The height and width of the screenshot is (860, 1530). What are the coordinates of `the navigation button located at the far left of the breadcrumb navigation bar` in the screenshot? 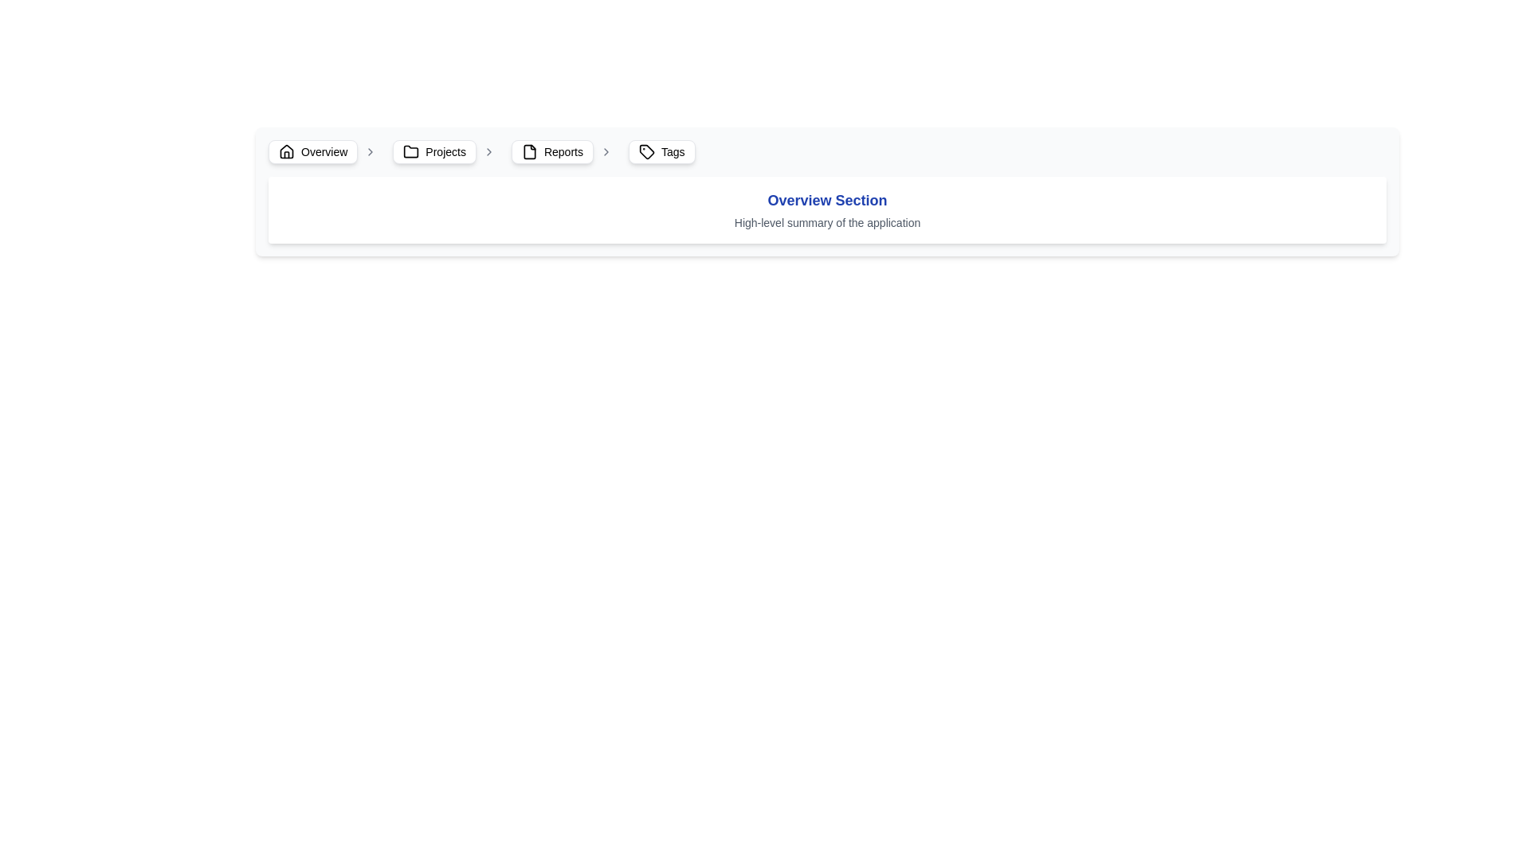 It's located at (313, 152).